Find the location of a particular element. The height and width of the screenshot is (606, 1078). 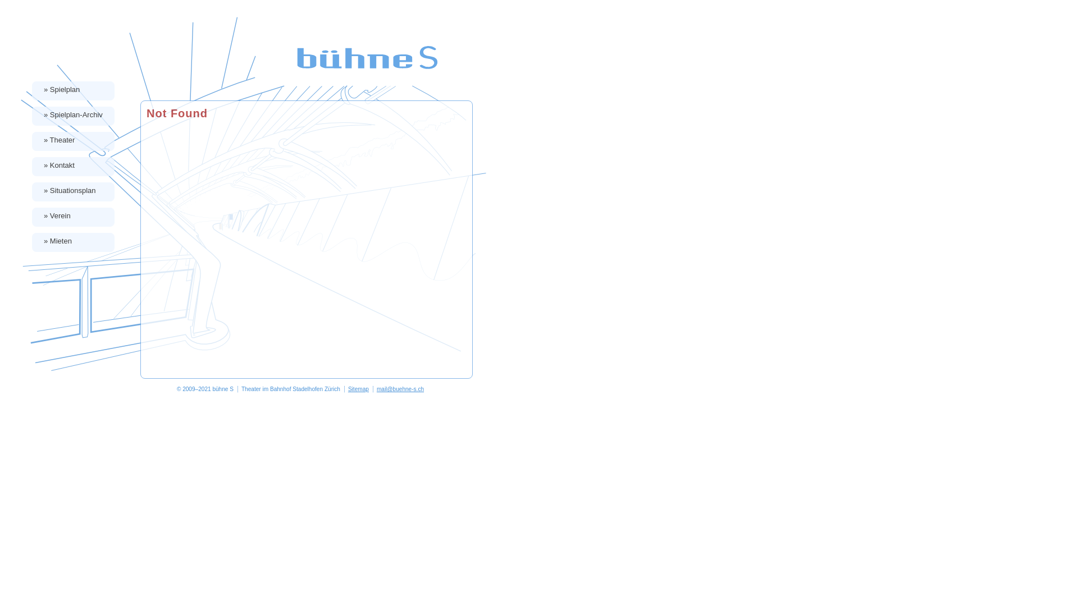

'Sitemap' is located at coordinates (358, 388).